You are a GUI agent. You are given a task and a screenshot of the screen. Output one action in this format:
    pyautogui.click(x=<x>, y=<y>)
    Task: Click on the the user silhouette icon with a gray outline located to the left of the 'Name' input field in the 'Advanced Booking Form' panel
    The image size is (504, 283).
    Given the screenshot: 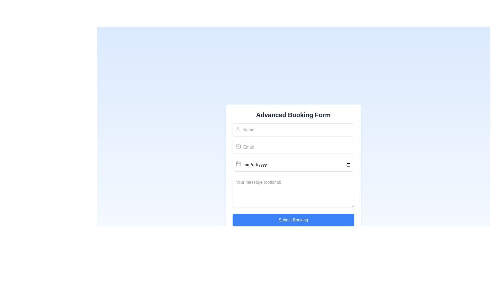 What is the action you would take?
    pyautogui.click(x=238, y=129)
    